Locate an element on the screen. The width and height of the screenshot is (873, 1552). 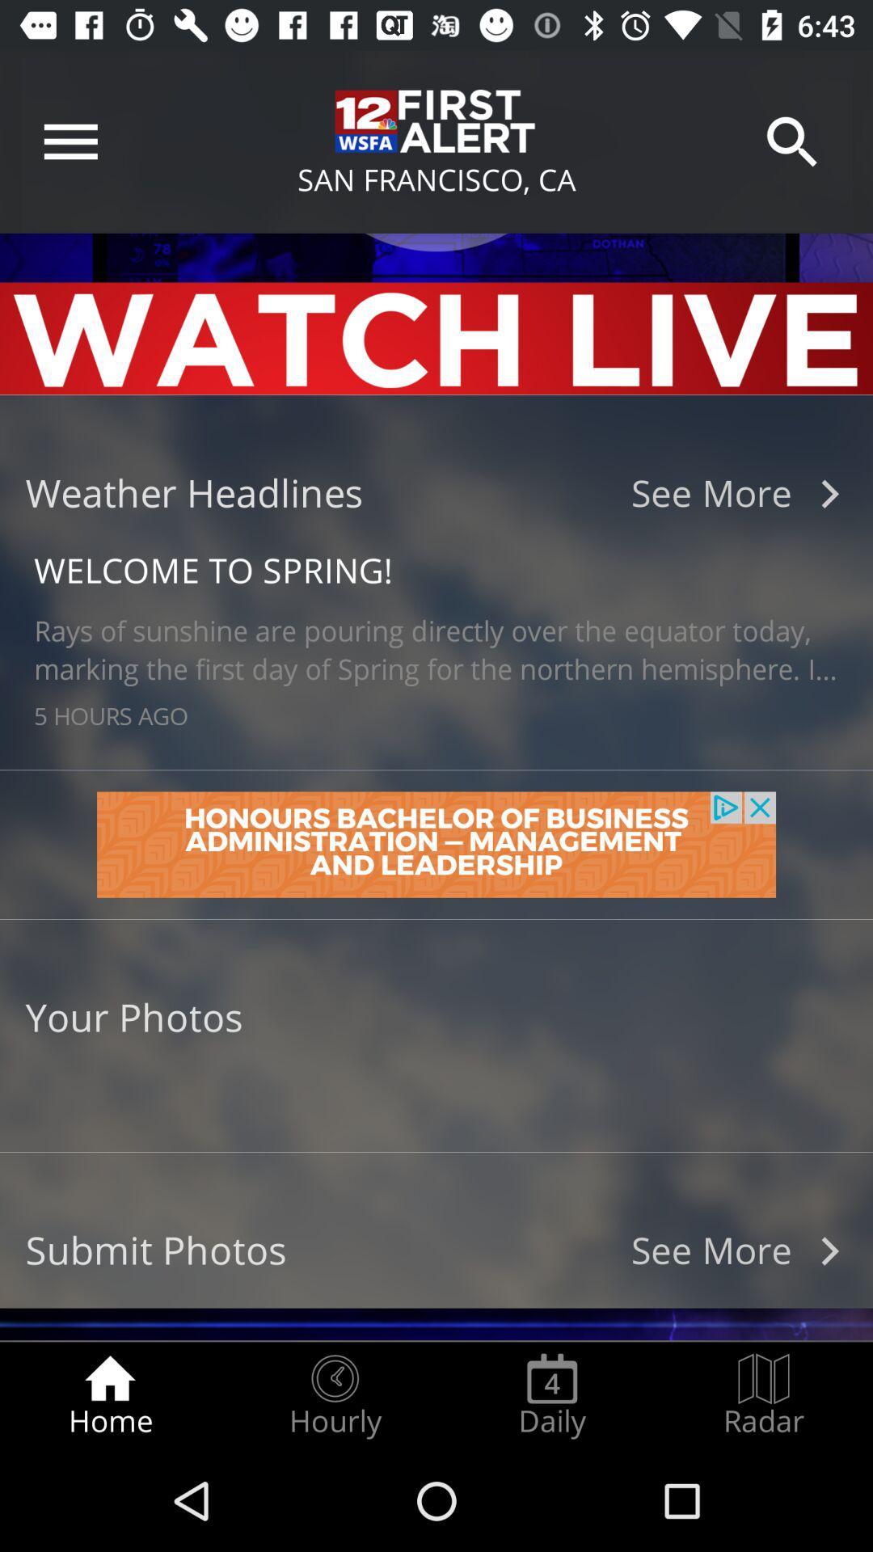
the daily item is located at coordinates (551, 1395).